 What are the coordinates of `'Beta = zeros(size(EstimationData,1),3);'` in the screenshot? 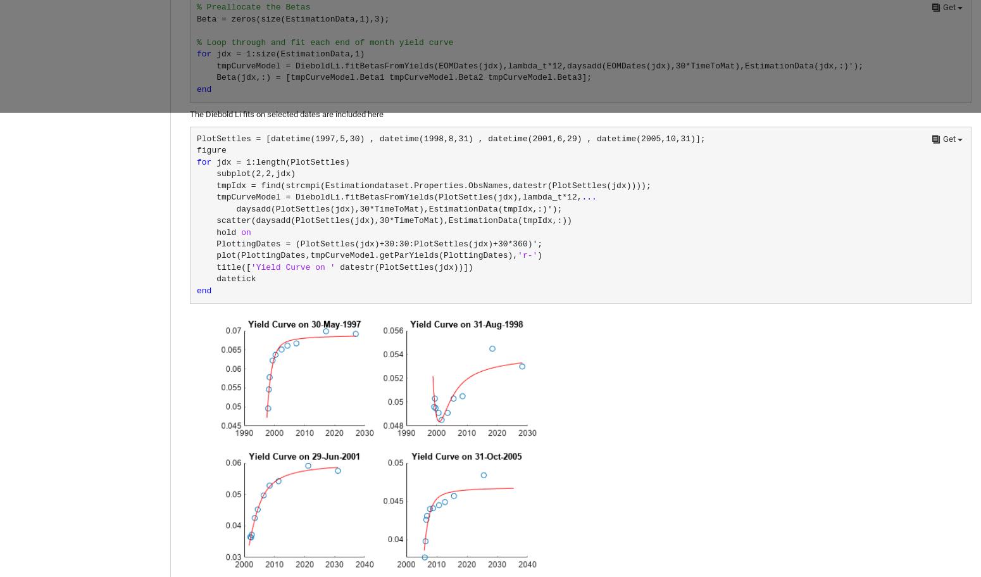 It's located at (292, 18).